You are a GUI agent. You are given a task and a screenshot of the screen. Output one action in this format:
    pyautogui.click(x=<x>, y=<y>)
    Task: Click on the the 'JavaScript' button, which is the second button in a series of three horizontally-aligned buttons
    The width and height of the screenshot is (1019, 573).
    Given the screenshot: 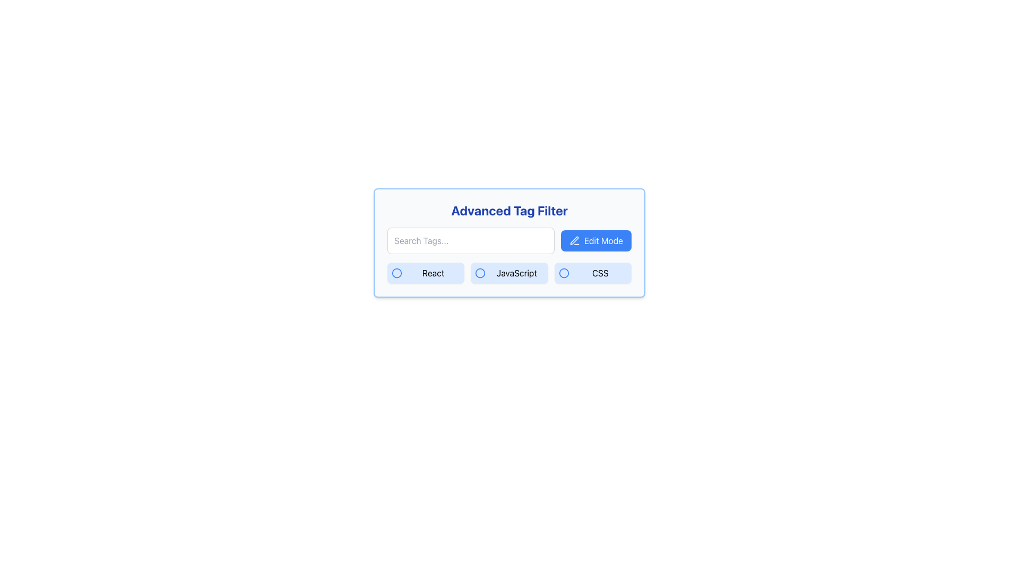 What is the action you would take?
    pyautogui.click(x=509, y=273)
    